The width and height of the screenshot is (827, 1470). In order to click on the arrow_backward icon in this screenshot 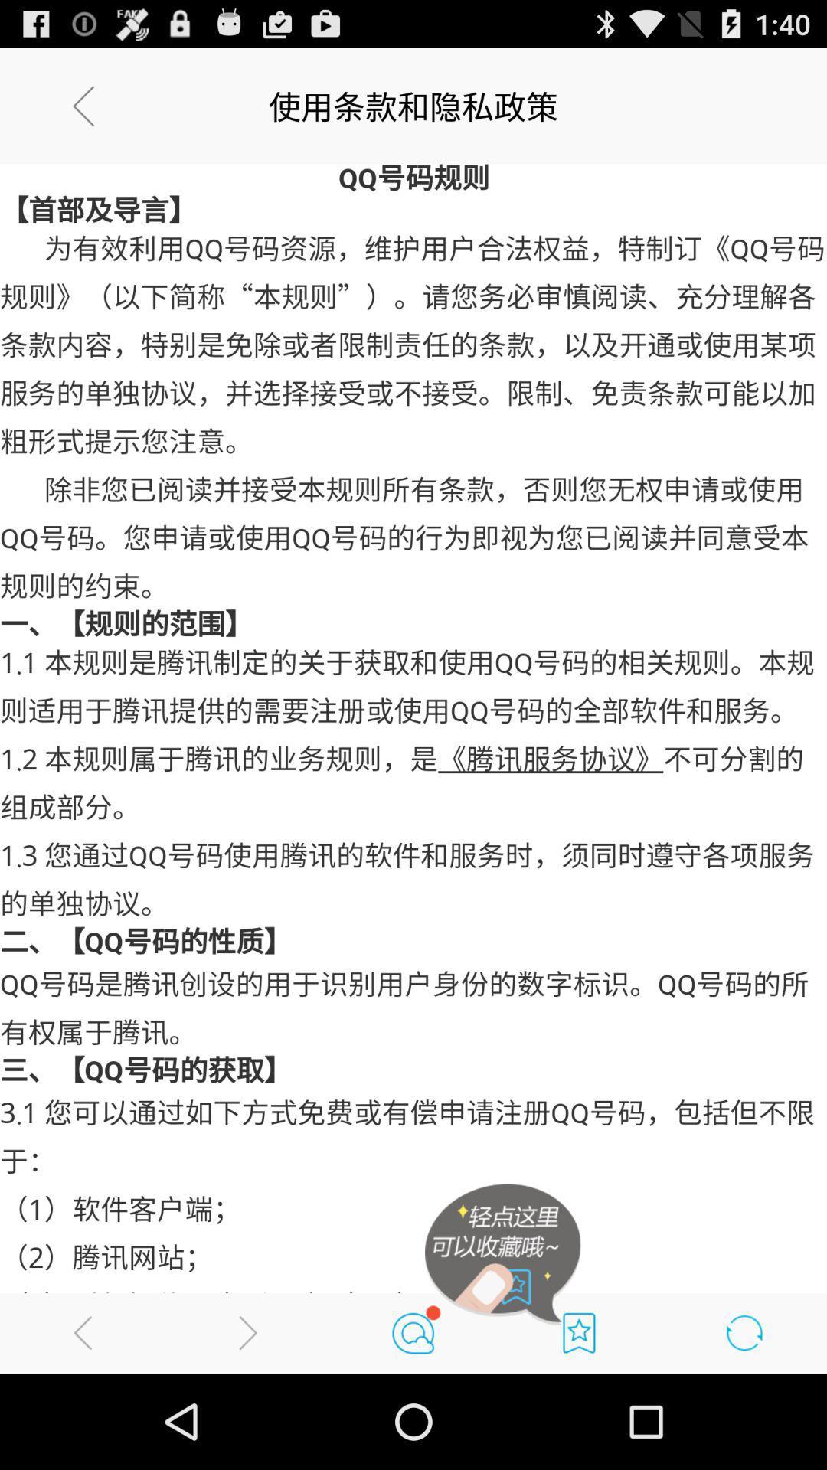, I will do `click(83, 1426)`.